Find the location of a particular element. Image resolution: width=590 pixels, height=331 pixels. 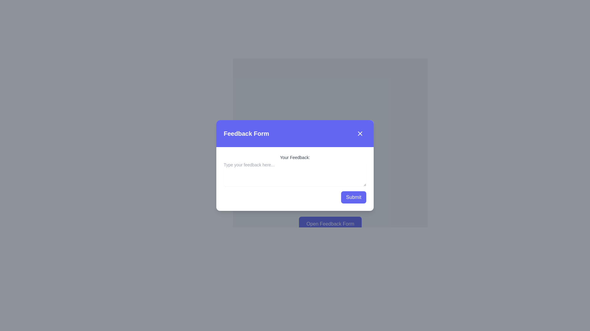

the close icon button in the top-right corner of the 'Feedback Form' modal is located at coordinates (360, 133).